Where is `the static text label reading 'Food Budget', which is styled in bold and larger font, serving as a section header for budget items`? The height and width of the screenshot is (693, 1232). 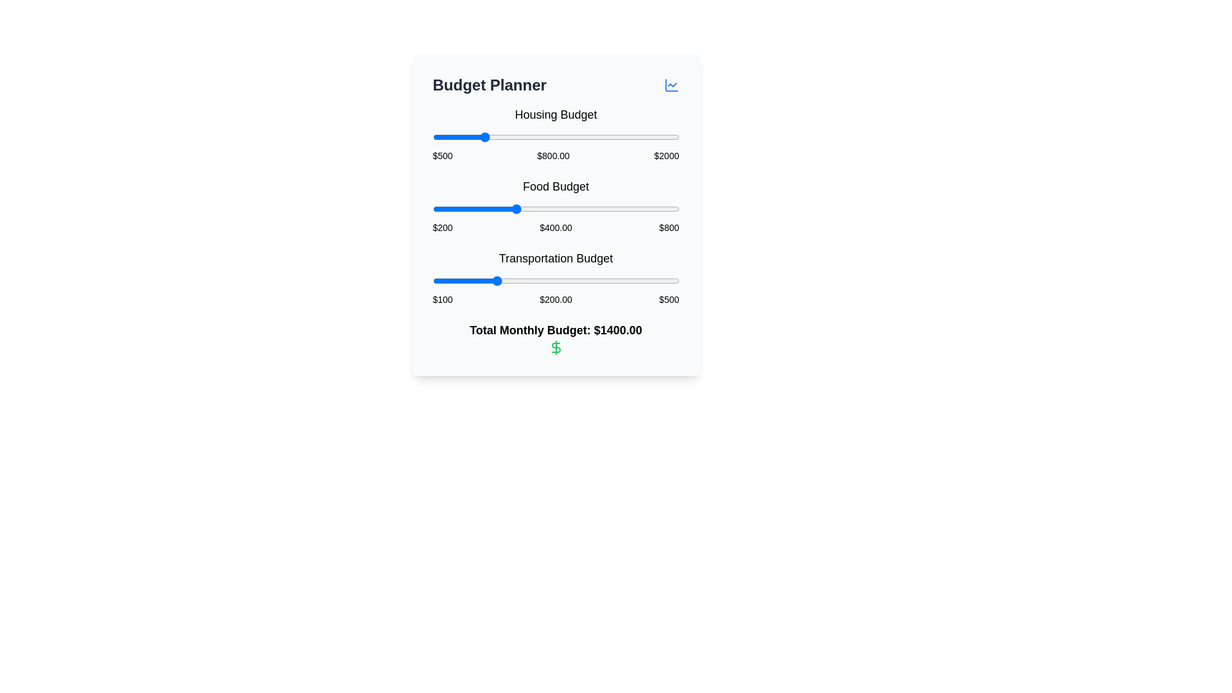
the static text label reading 'Food Budget', which is styled in bold and larger font, serving as a section header for budget items is located at coordinates (556, 186).